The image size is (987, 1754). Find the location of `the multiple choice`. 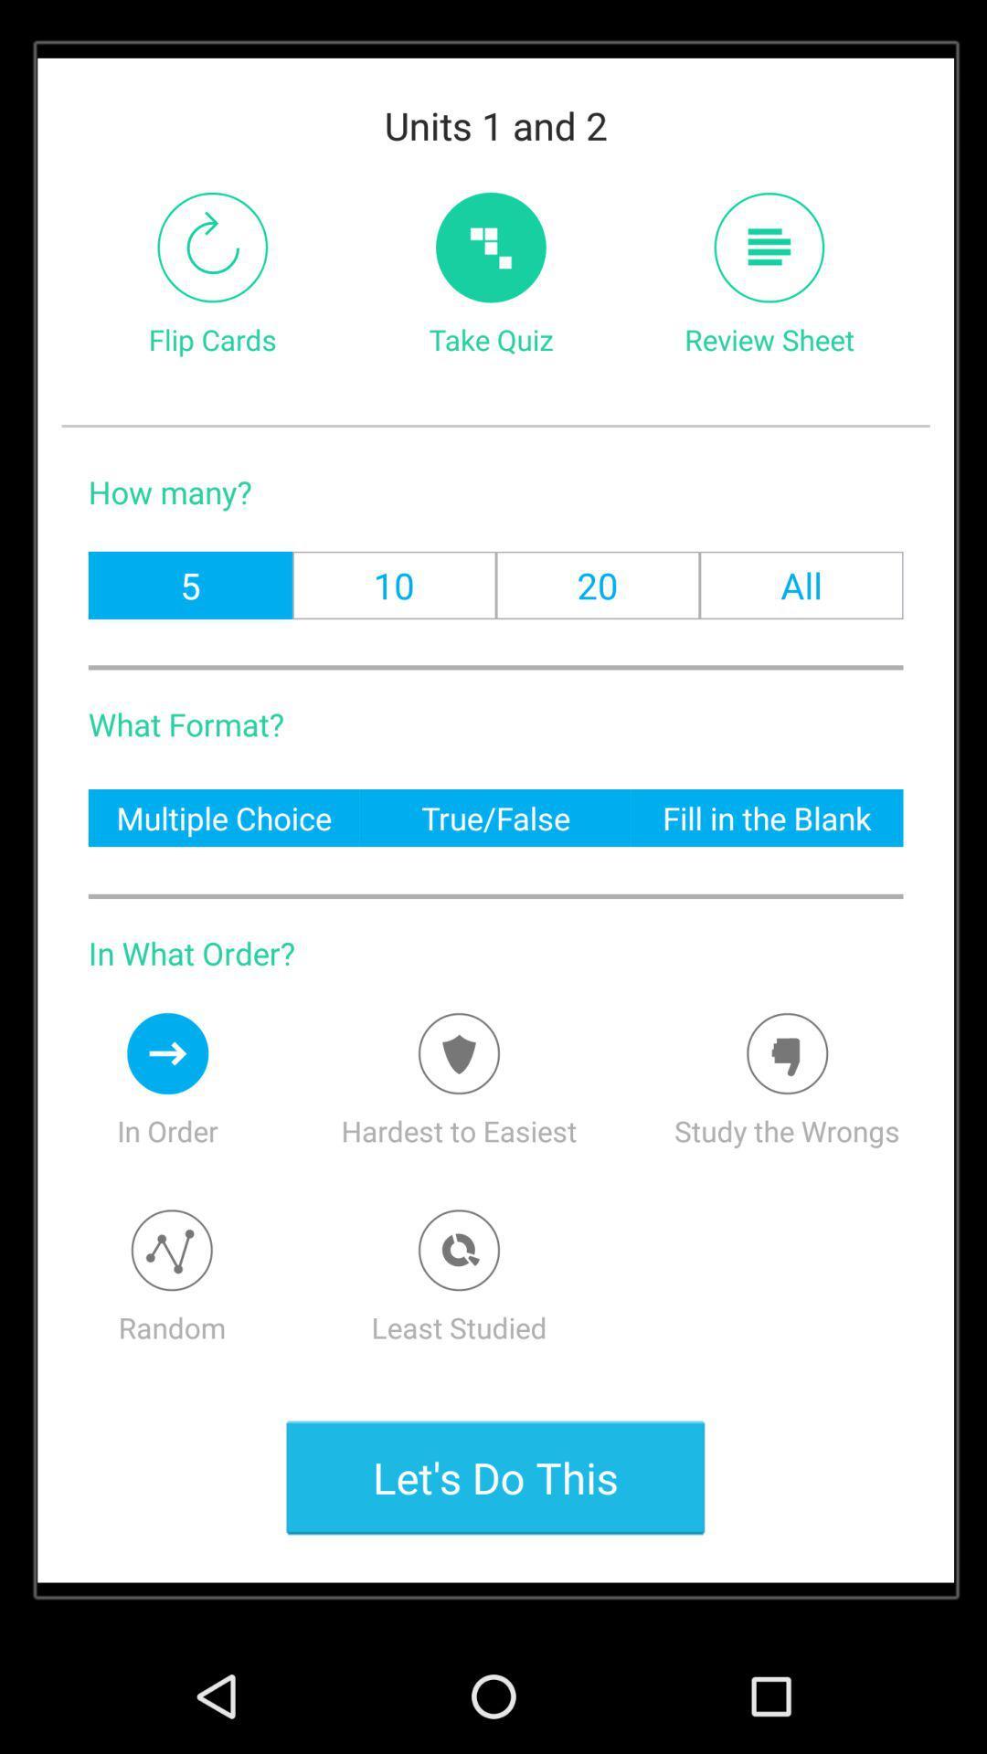

the multiple choice is located at coordinates (223, 817).